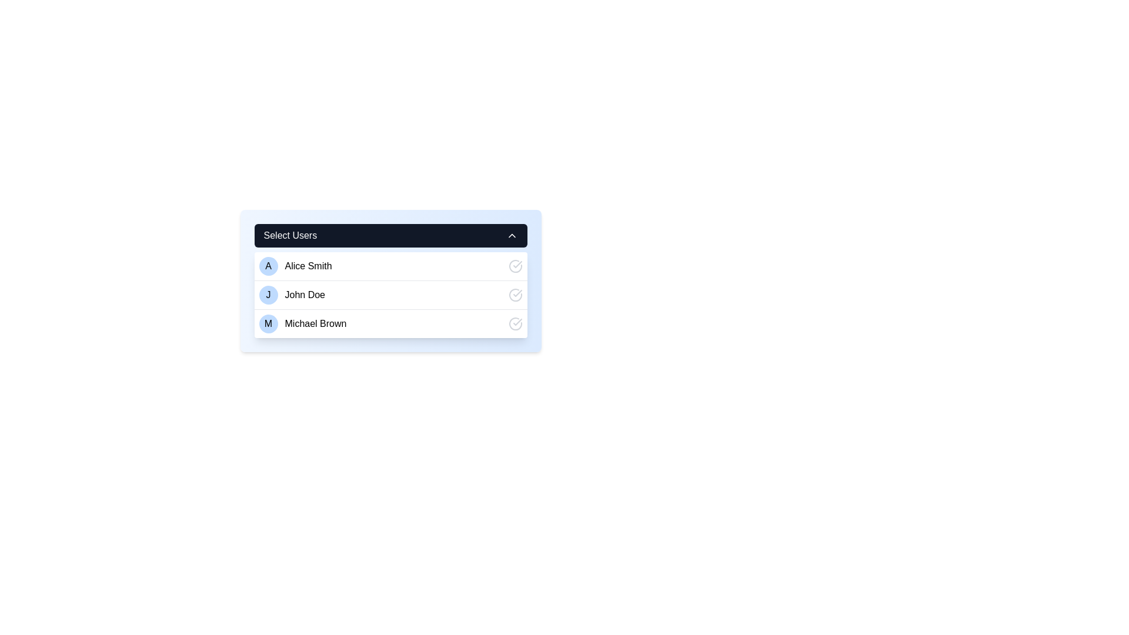  I want to click on the circular SVG icon with a gray stroke and checkmark, located at the far right of the list item for 'Michael Brown', so click(515, 324).